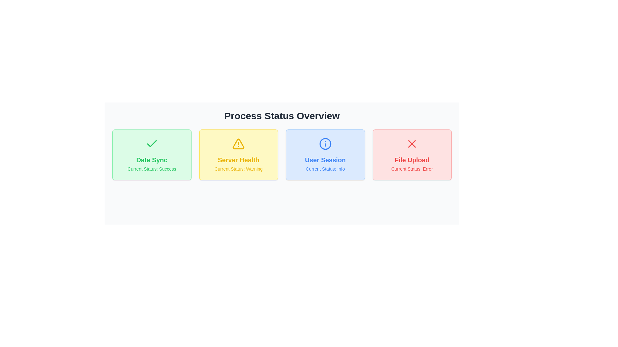 The width and height of the screenshot is (618, 347). Describe the element at coordinates (238, 168) in the screenshot. I see `the text label displaying 'Current Status: Warning' located at the bottom of the 'Server Health' card component` at that location.